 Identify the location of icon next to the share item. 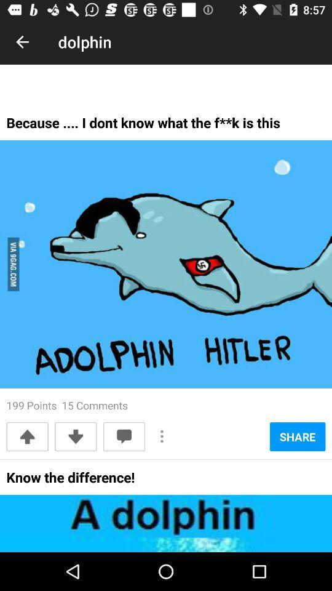
(162, 436).